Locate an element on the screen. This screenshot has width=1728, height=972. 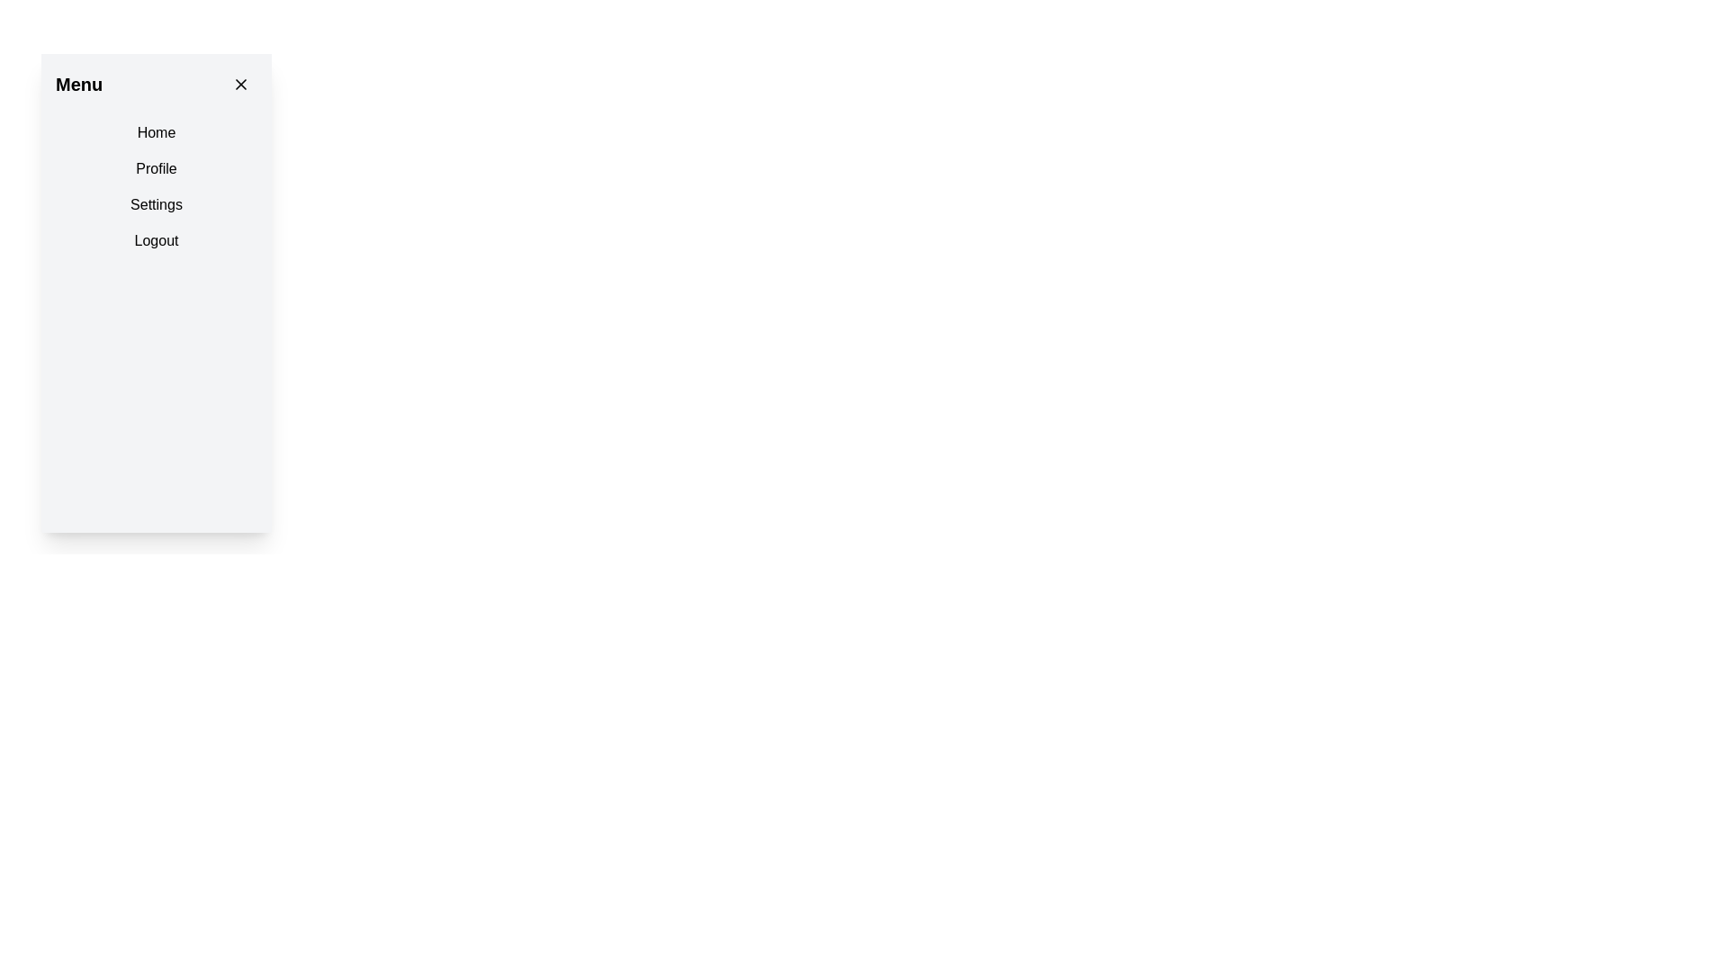
the second item in the 'Menu' navigation list is located at coordinates (156, 187).